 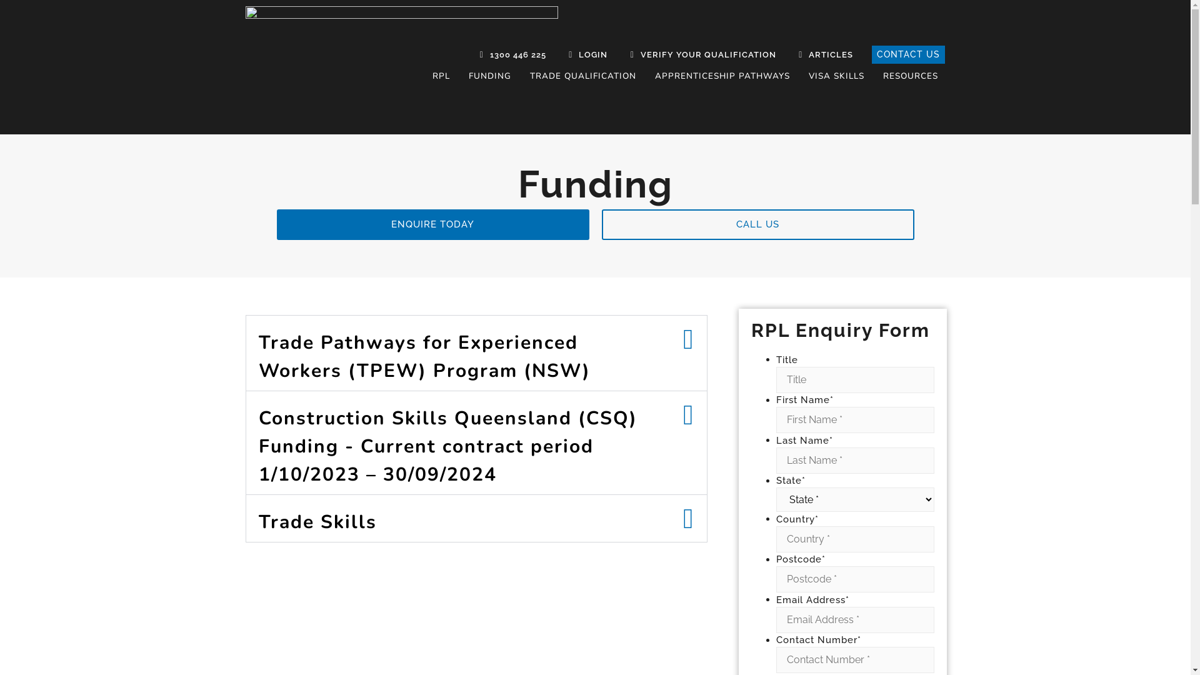 What do you see at coordinates (911, 76) in the screenshot?
I see `'RESOURCES'` at bounding box center [911, 76].